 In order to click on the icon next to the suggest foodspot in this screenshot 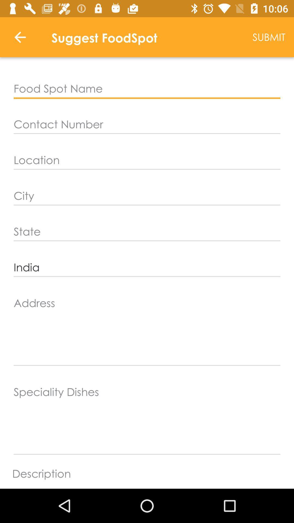, I will do `click(20, 37)`.